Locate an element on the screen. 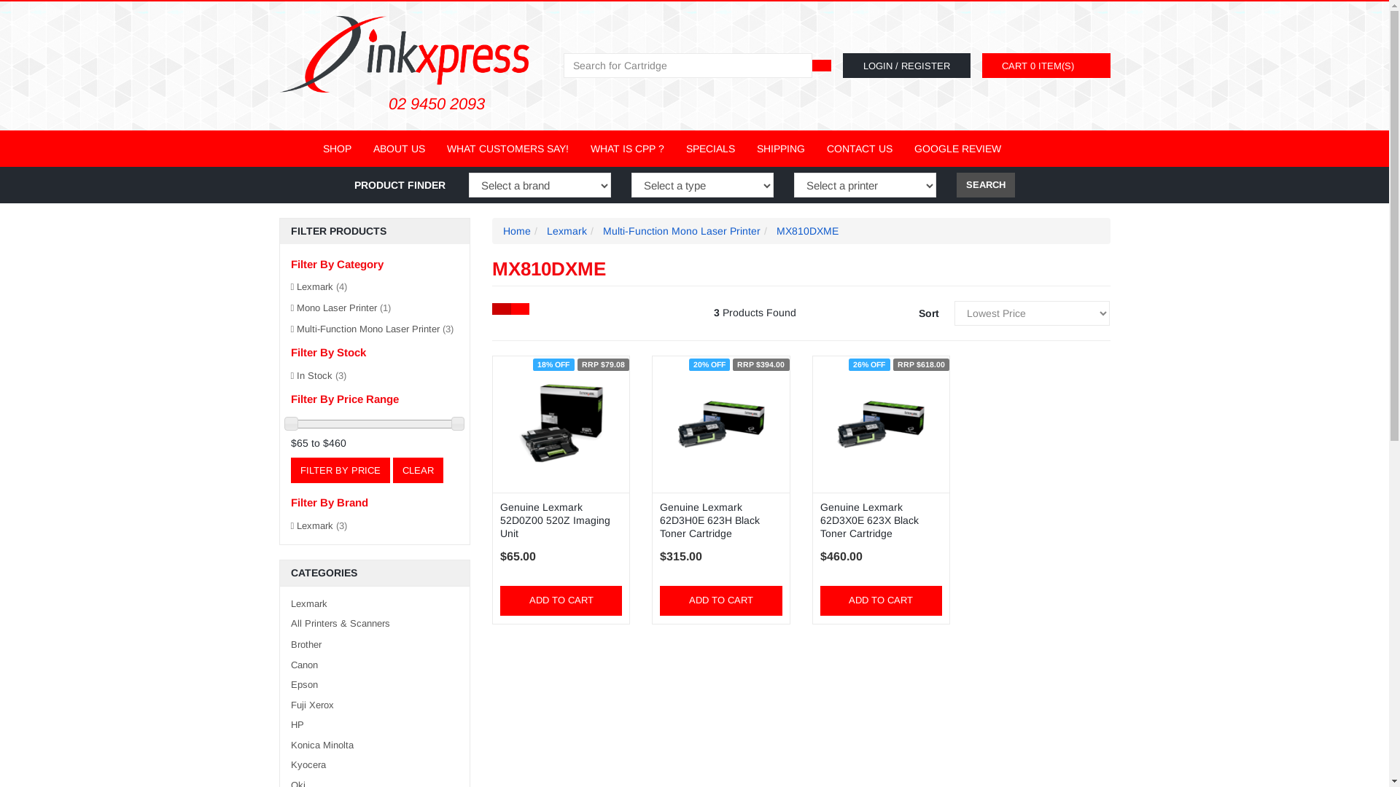 The image size is (1400, 787). 'Multi-Function Mono Laser Printer (3)' is located at coordinates (375, 329).